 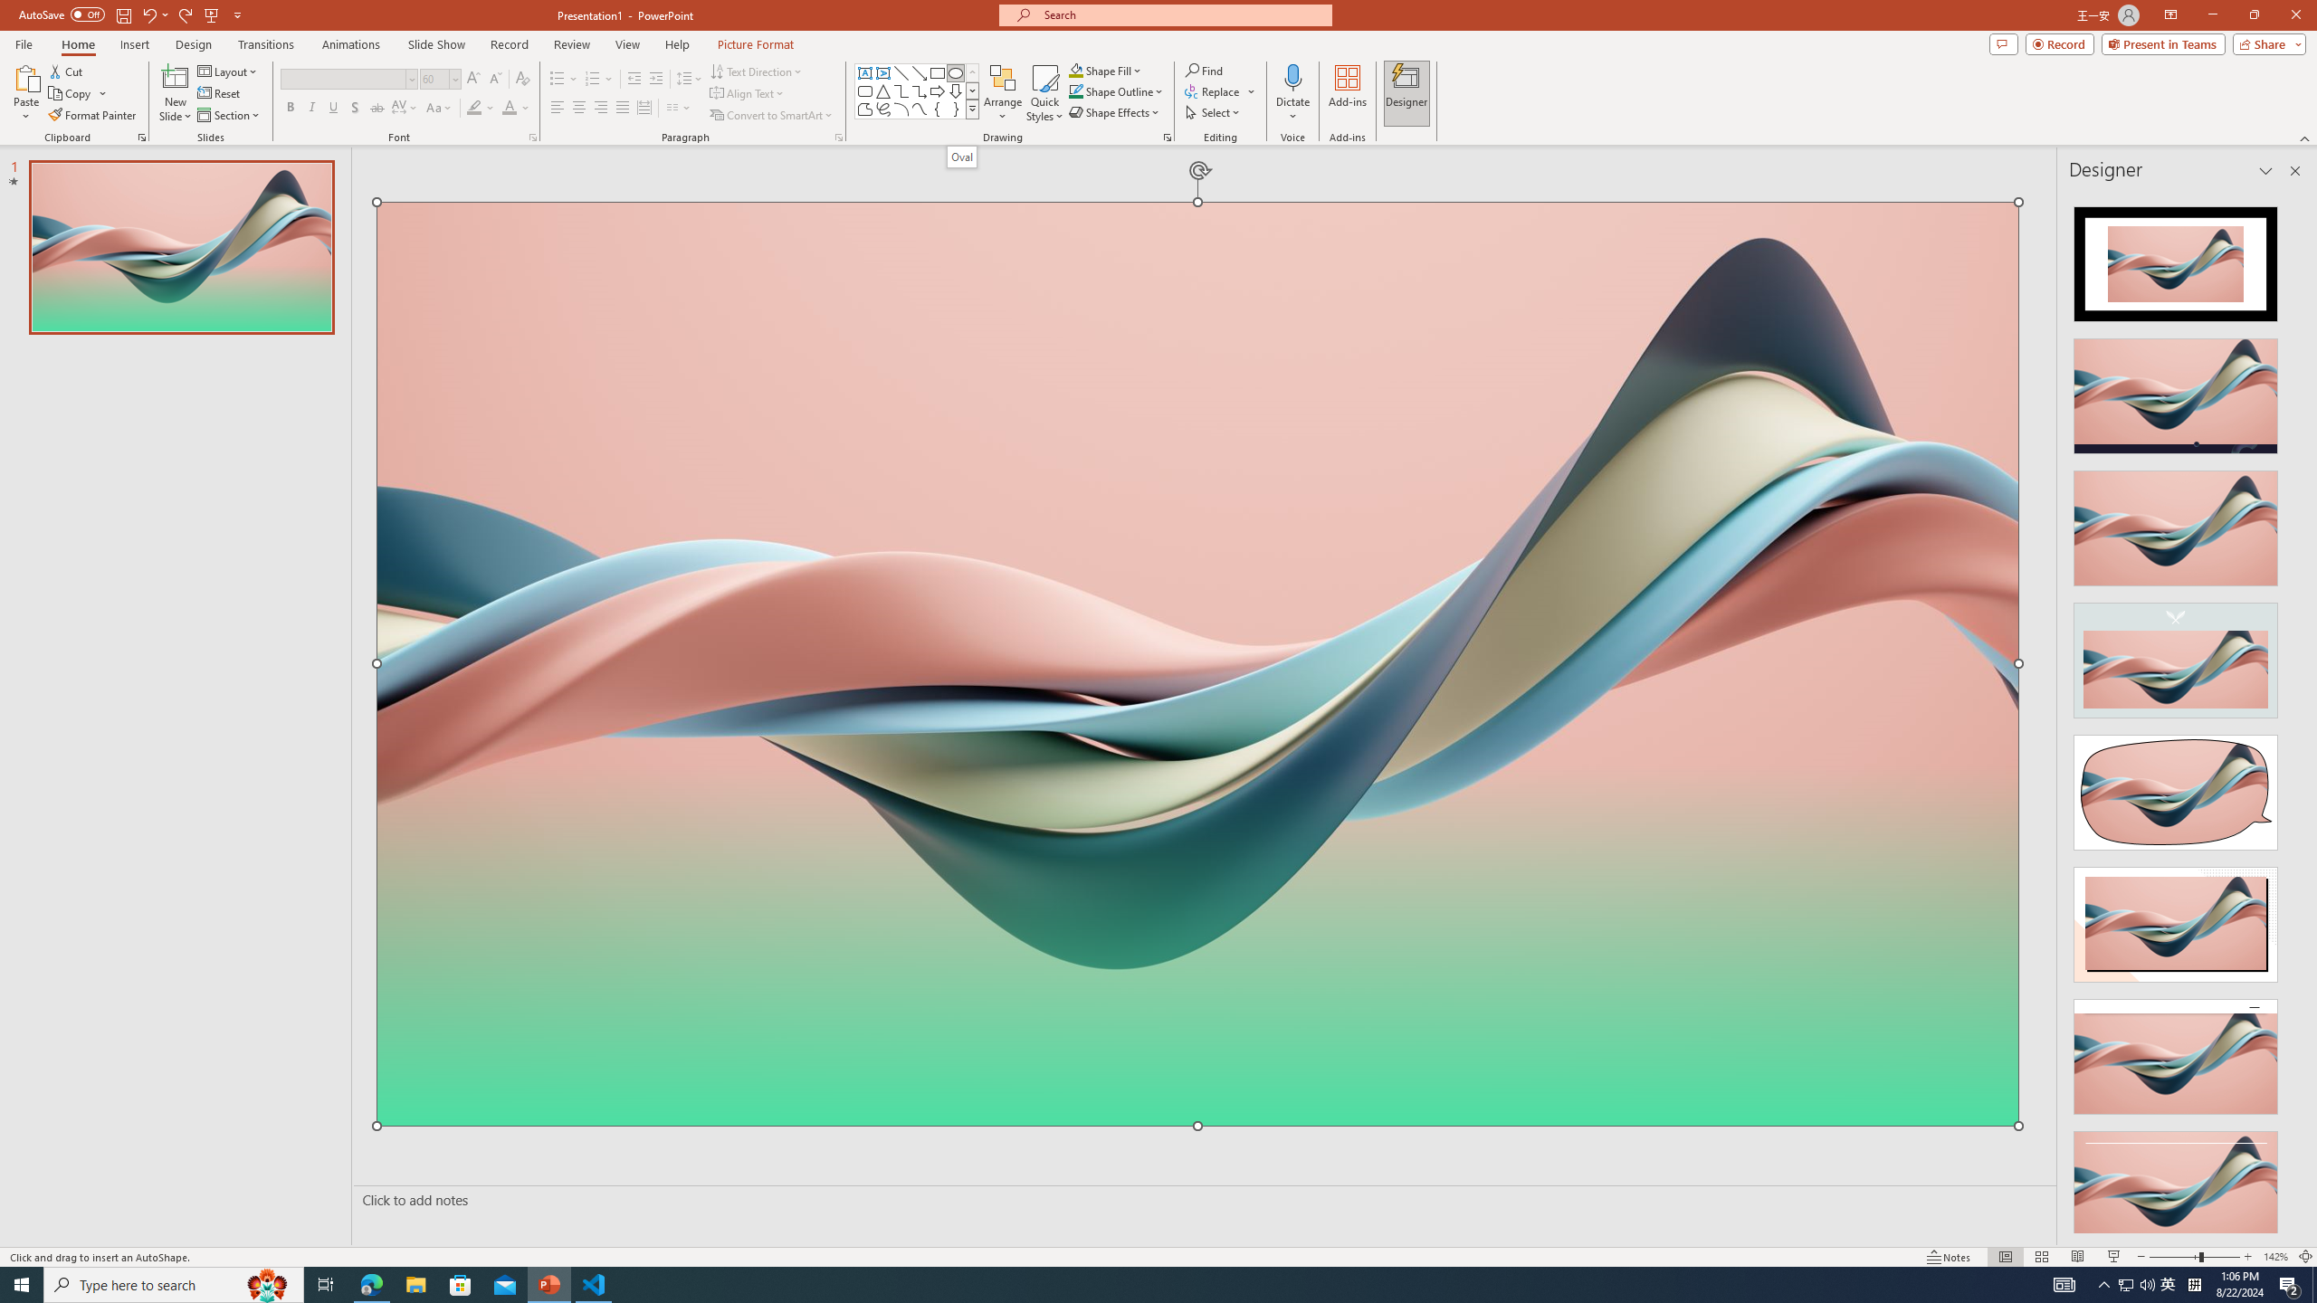 What do you see at coordinates (1197, 664) in the screenshot?
I see `'Wavy 3D art'` at bounding box center [1197, 664].